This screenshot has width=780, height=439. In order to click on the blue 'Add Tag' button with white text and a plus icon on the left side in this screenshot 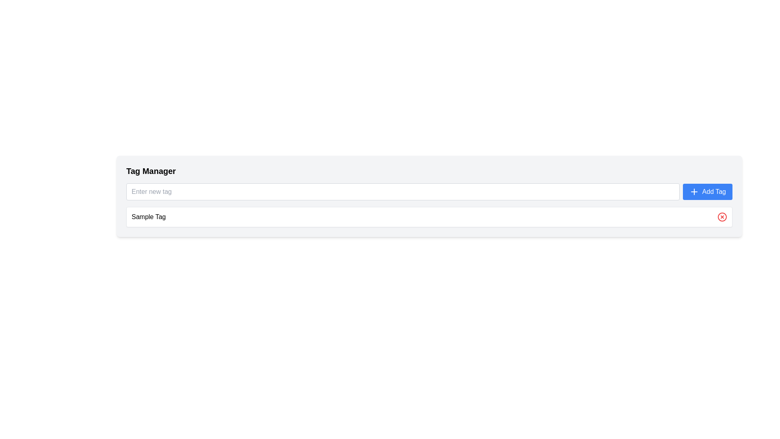, I will do `click(707, 191)`.